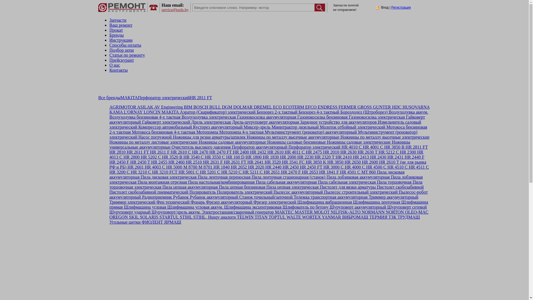 The image size is (533, 300). I want to click on 'HR 2230', so click(296, 157).